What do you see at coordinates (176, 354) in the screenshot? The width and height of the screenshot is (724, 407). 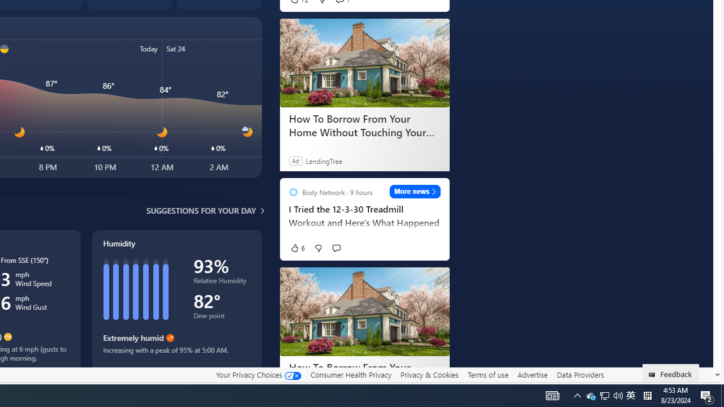 I see `'Increasing with a peak of 95% at 5:00 AM.'` at bounding box center [176, 354].